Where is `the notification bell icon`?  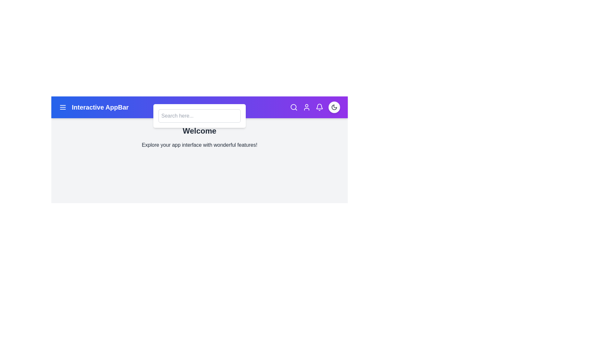 the notification bell icon is located at coordinates (320, 107).